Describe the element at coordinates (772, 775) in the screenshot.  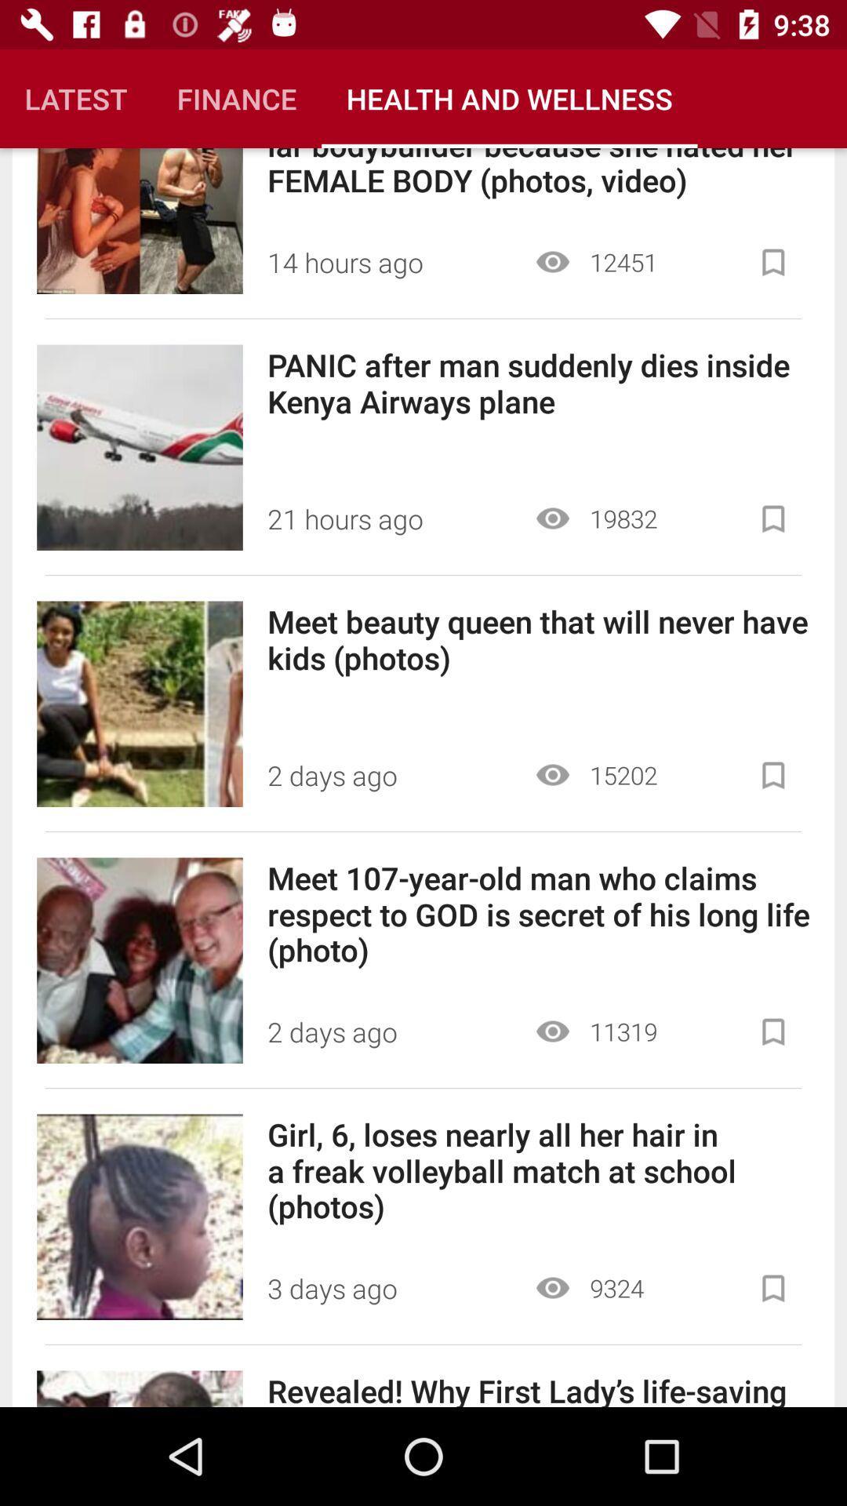
I see `to saved list` at that location.